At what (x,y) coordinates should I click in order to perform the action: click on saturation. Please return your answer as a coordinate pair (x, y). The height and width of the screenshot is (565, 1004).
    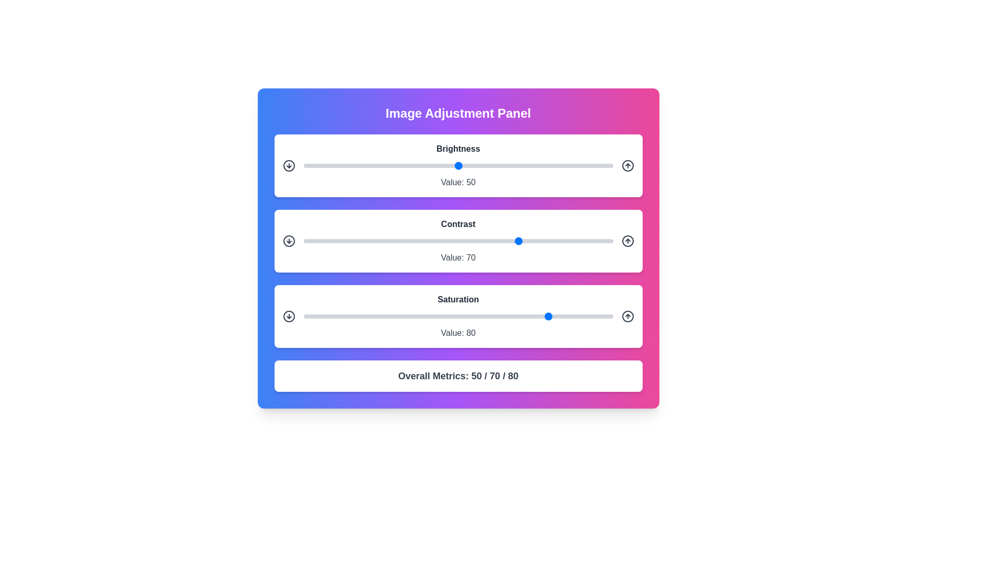
    Looking at the image, I should click on (554, 316).